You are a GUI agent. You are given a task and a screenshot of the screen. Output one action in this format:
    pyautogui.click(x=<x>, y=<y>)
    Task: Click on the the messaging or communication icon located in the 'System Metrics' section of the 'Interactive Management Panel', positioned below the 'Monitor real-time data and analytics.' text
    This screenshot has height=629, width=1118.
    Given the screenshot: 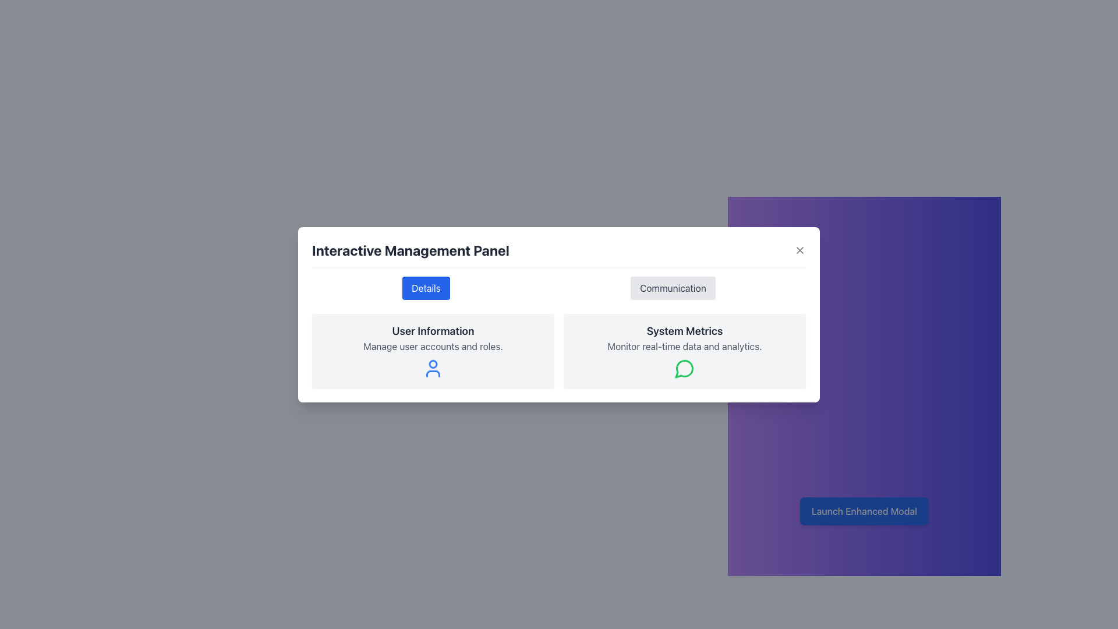 What is the action you would take?
    pyautogui.click(x=685, y=368)
    